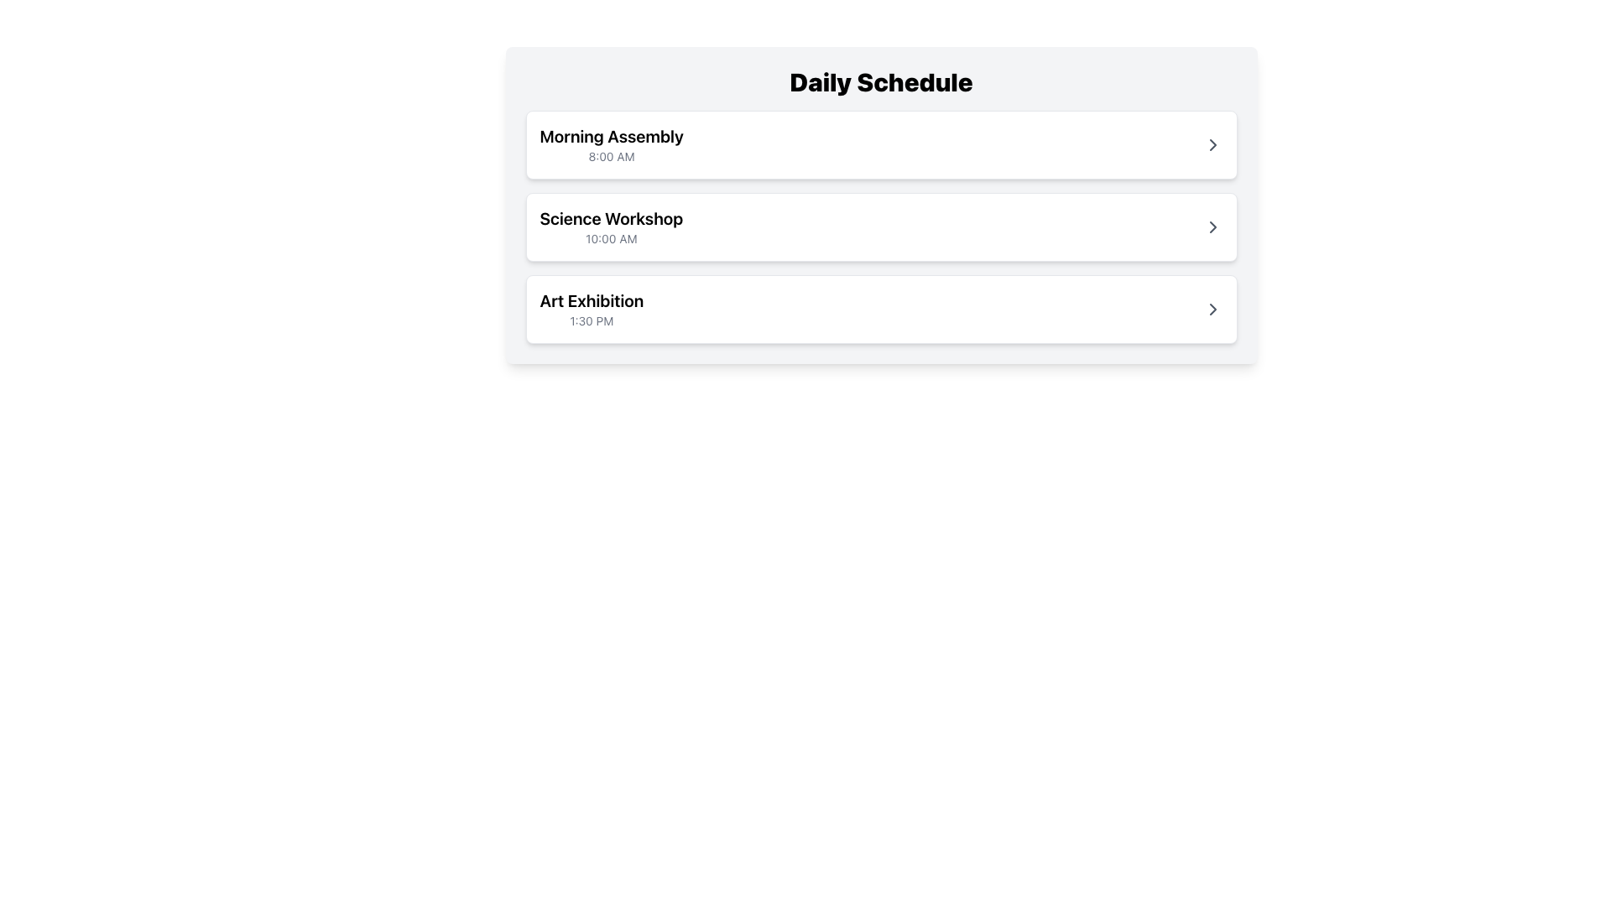 This screenshot has height=906, width=1611. What do you see at coordinates (611, 135) in the screenshot?
I see `the heading labeled 'Morning Assembly', which is styled with a large bold font and is the first item in a vertical schedule list, positioned above the time label '8:00 AM'` at bounding box center [611, 135].